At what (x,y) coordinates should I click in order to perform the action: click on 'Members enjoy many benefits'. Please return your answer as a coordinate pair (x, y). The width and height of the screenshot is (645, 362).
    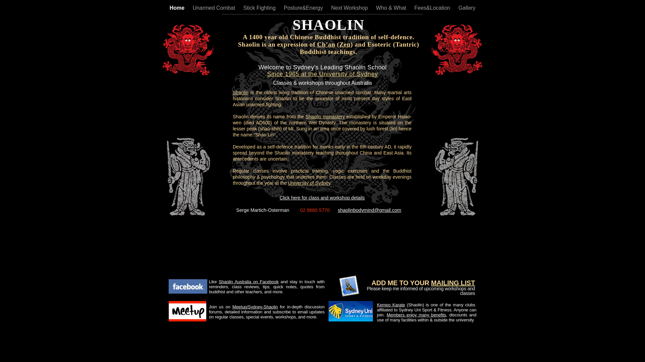
    Looking at the image, I should click on (416, 315).